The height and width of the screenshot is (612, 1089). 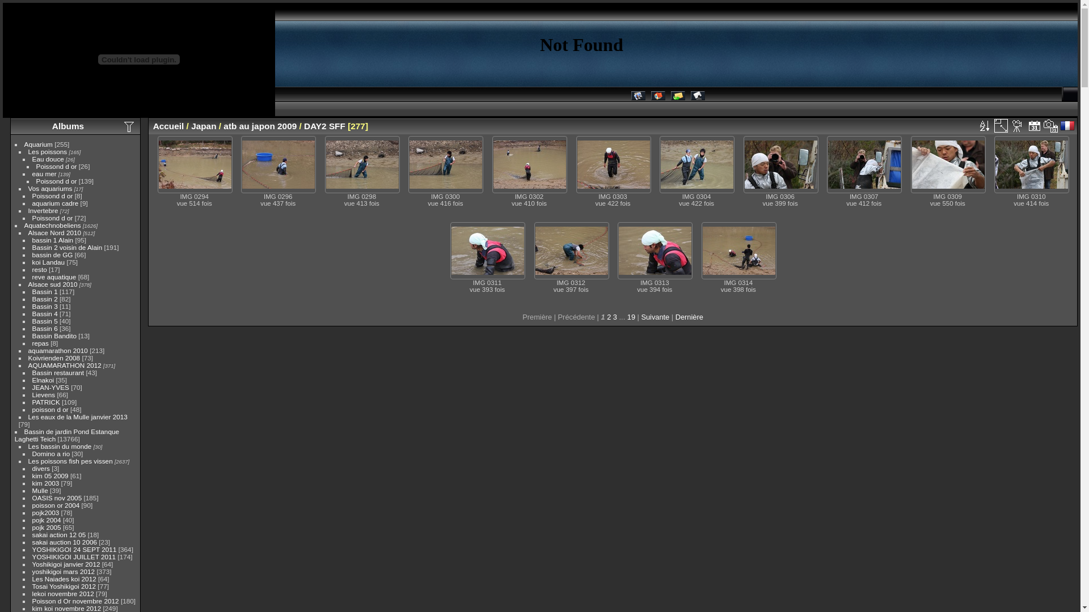 What do you see at coordinates (1010, 126) in the screenshot?
I see `'diaporama'` at bounding box center [1010, 126].